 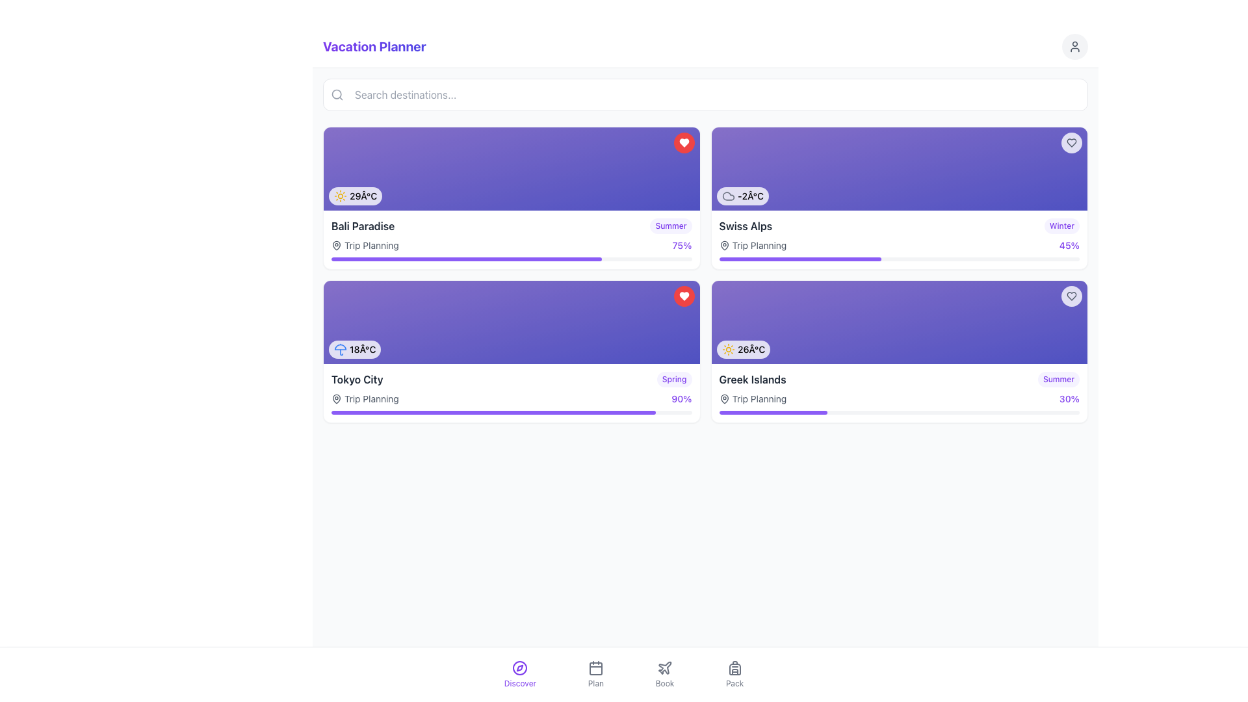 I want to click on text label displaying '29°C' located within the first featured trip card titled 'Bali Paradise' in the top-left quadrant of the layout, so click(x=363, y=196).